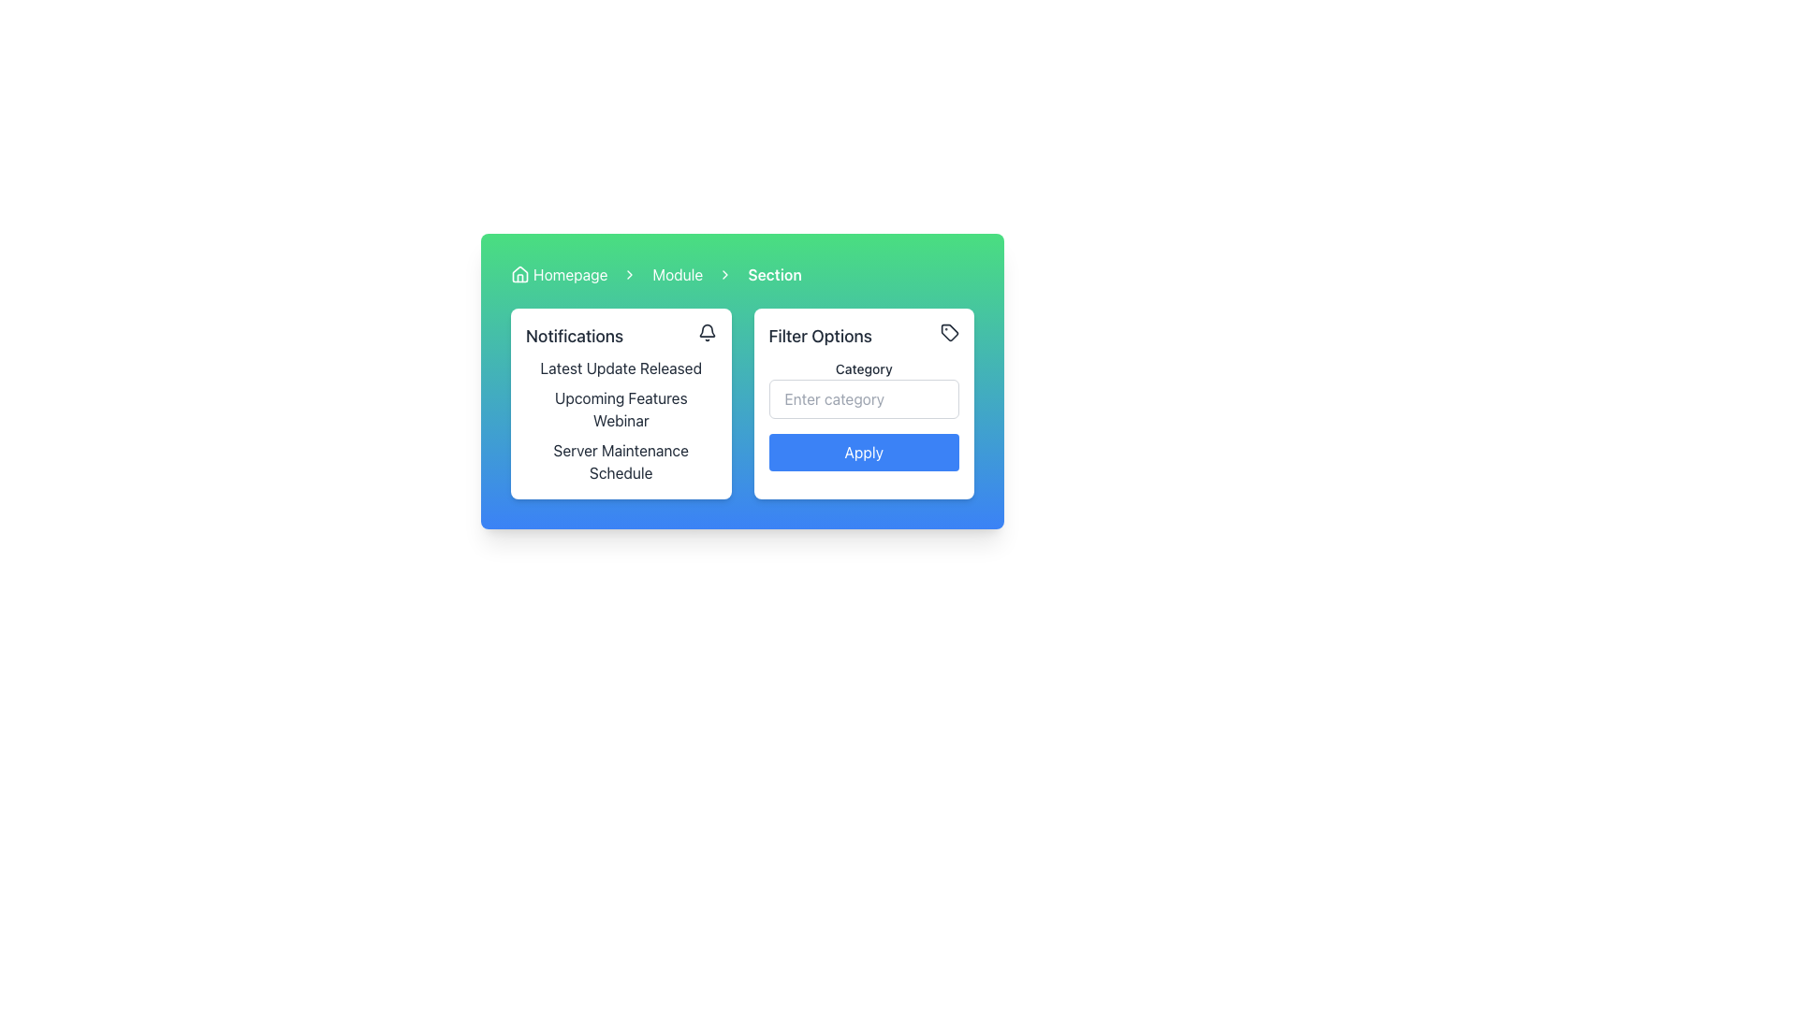 The height and width of the screenshot is (1010, 1797). Describe the element at coordinates (621, 409) in the screenshot. I see `the text label reading 'Upcoming Features Webinar' located in the 'Notifications' section, positioned second among three text items` at that location.